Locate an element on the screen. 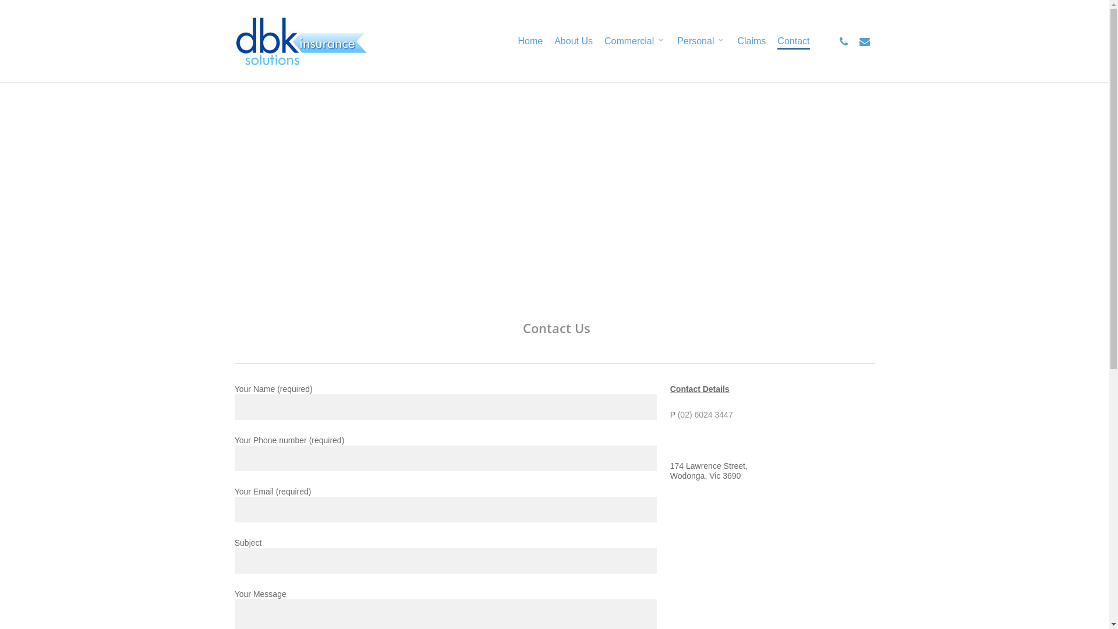  'Menu' is located at coordinates (1087, 6).